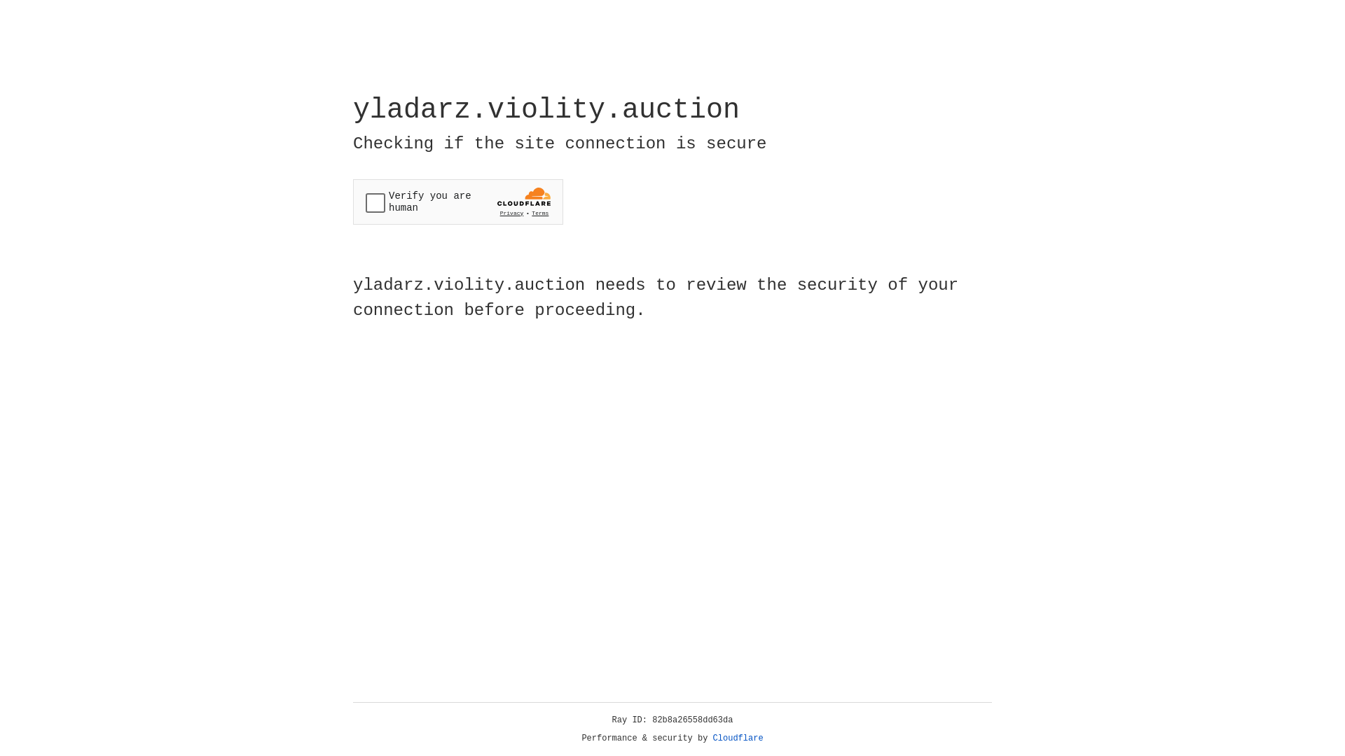 The image size is (1345, 756). Describe the element at coordinates (457, 202) in the screenshot. I see `'Widget containing a Cloudflare security challenge'` at that location.